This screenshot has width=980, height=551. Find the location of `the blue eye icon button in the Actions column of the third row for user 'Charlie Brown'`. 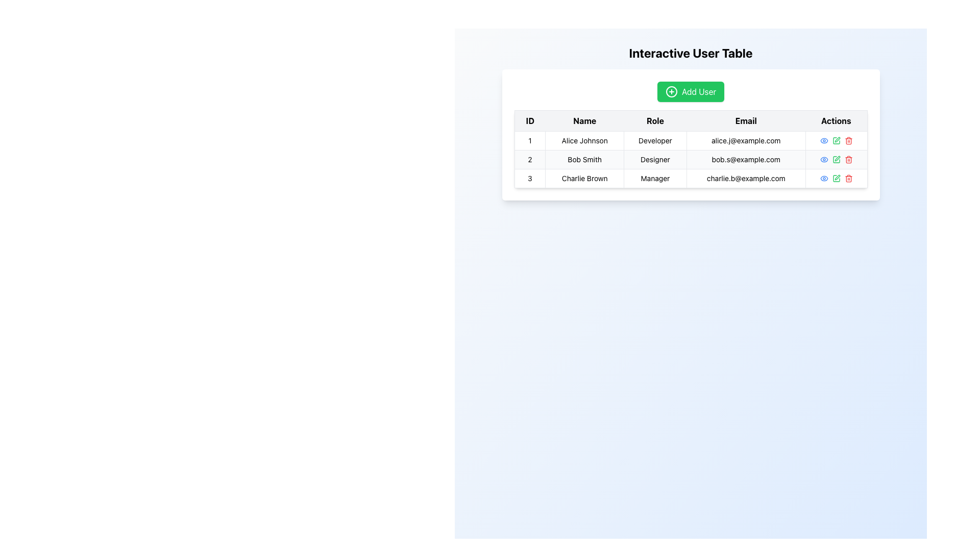

the blue eye icon button in the Actions column of the third row for user 'Charlie Brown' is located at coordinates (824, 178).